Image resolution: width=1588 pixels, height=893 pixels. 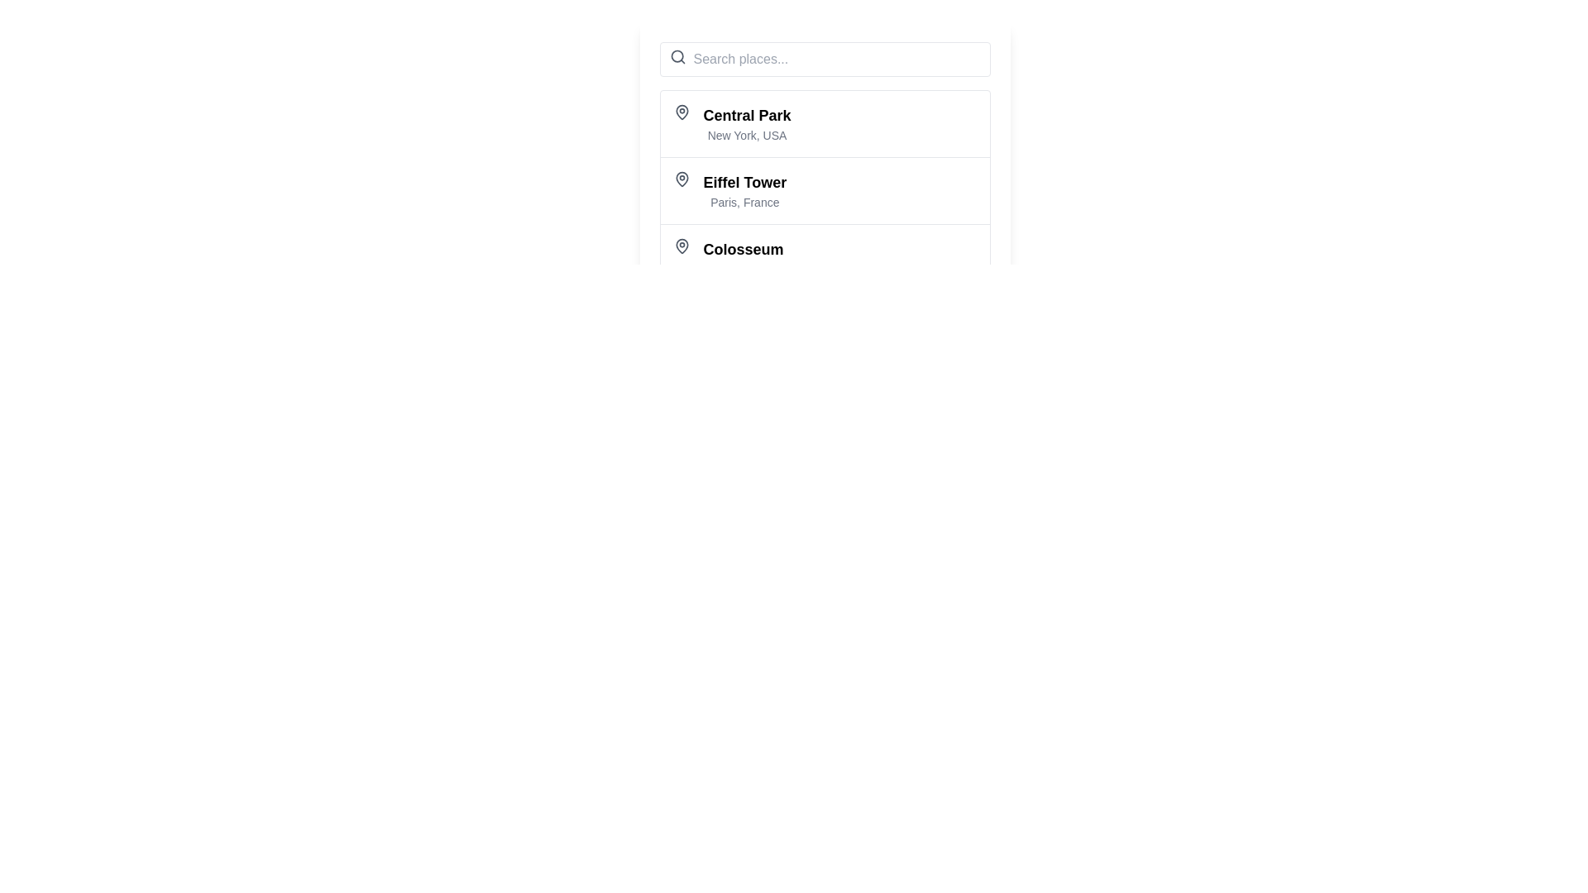 What do you see at coordinates (677, 55) in the screenshot?
I see `the decorative circular outline of the search icon located to the left of the text input field in the header area` at bounding box center [677, 55].